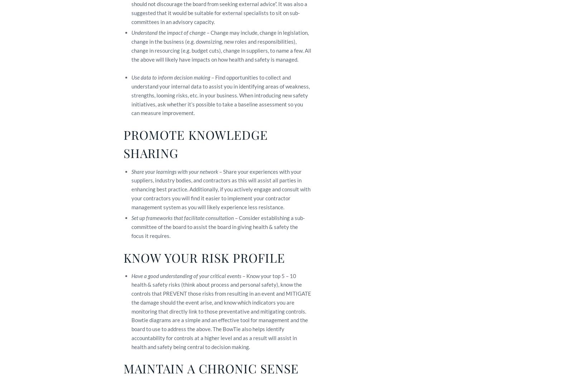  What do you see at coordinates (221, 189) in the screenshot?
I see `'– Share your experiences with your suppliers, industry bodies, and contractors as this will assist all parties in enhancing best practice. Additionally, if you actively engage and consult with your contractors you will find it easier to implement your contractor management system as you will likely experience less resistance.'` at bounding box center [221, 189].